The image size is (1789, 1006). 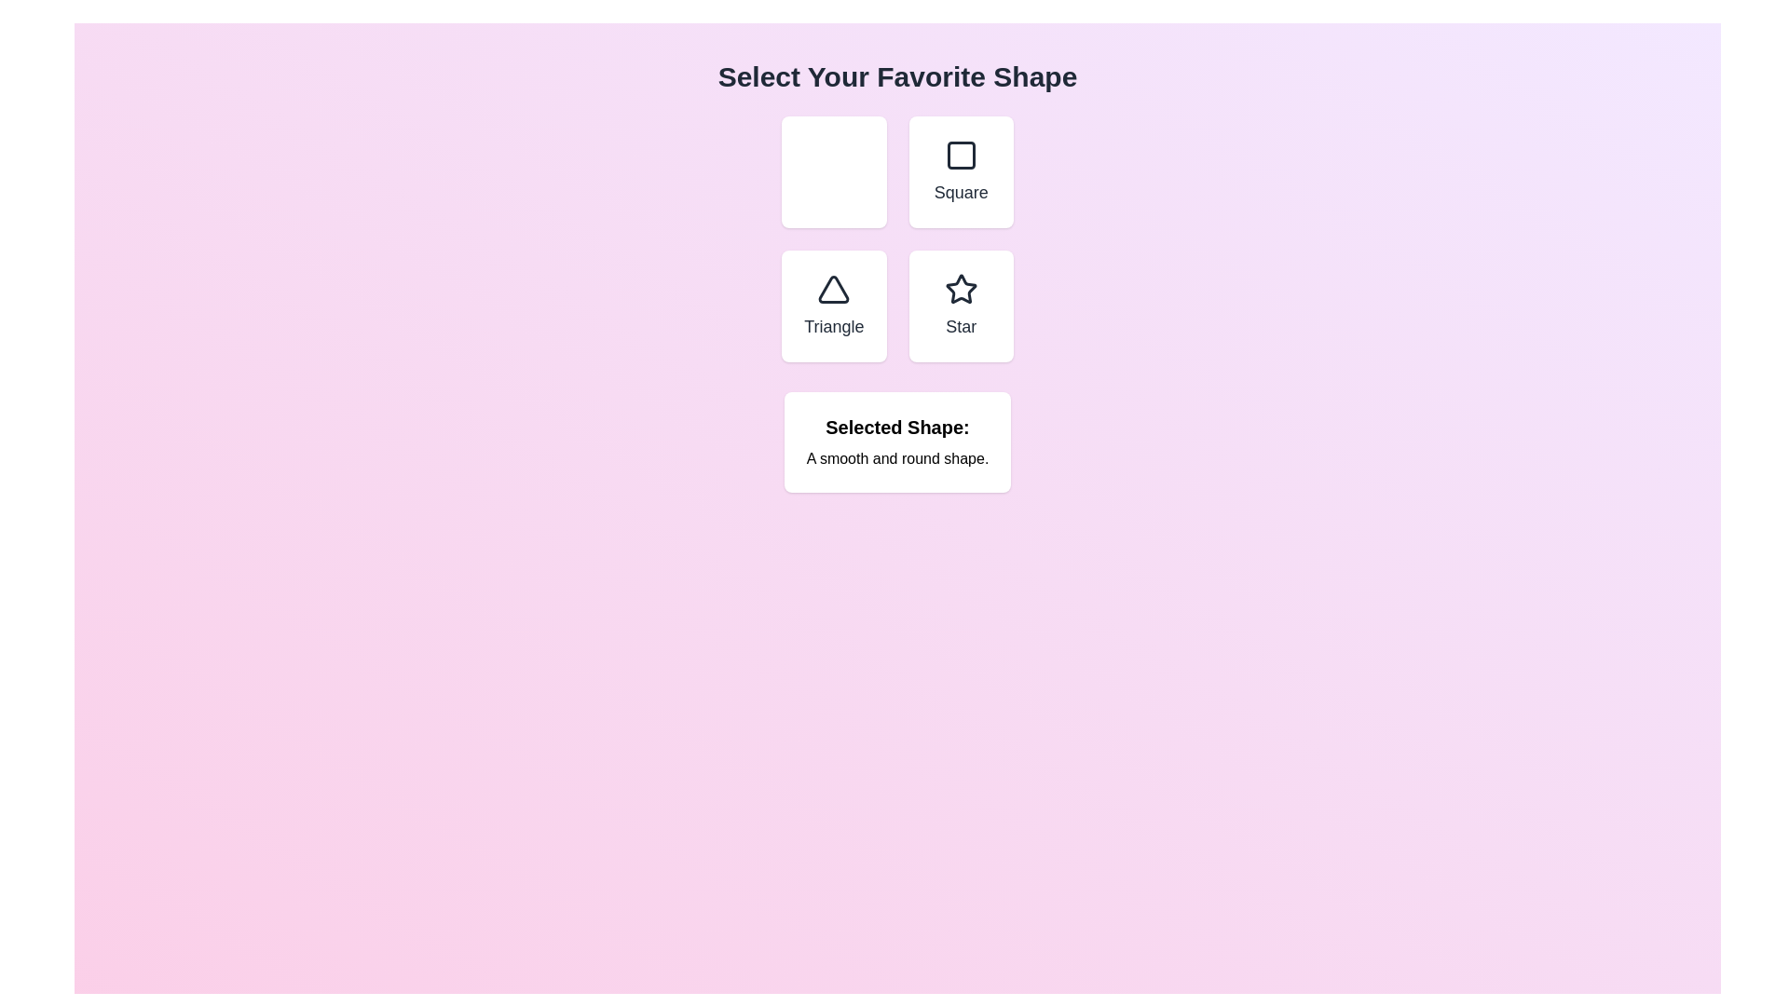 What do you see at coordinates (961, 305) in the screenshot?
I see `the button labeled Star to observe its hover effect` at bounding box center [961, 305].